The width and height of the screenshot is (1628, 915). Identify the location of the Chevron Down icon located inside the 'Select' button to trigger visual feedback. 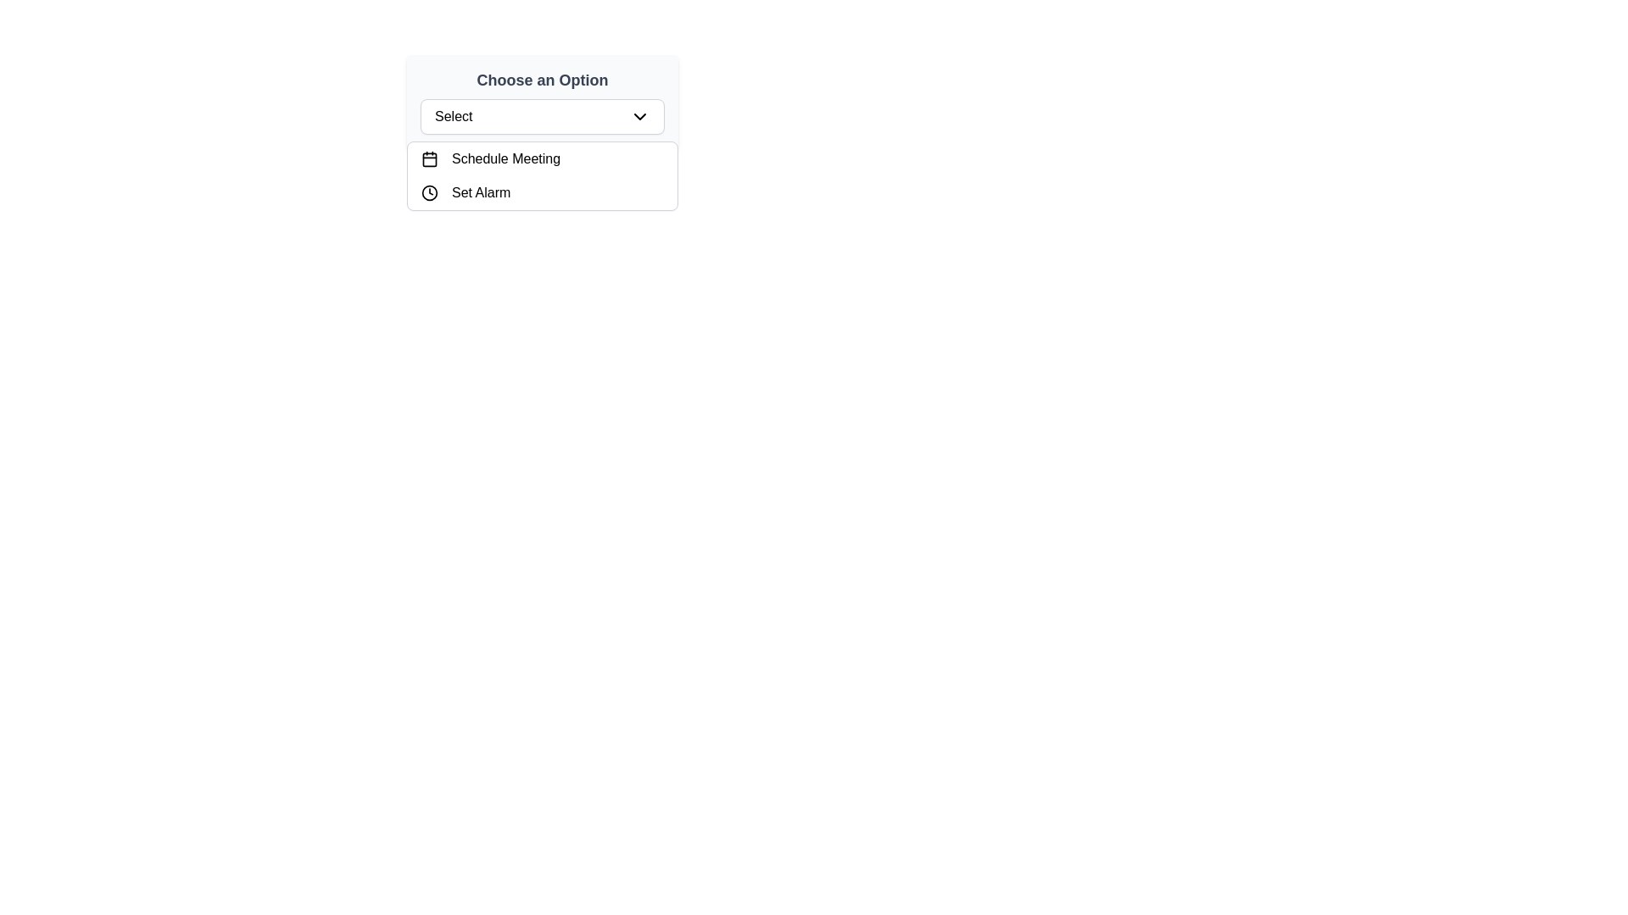
(638, 116).